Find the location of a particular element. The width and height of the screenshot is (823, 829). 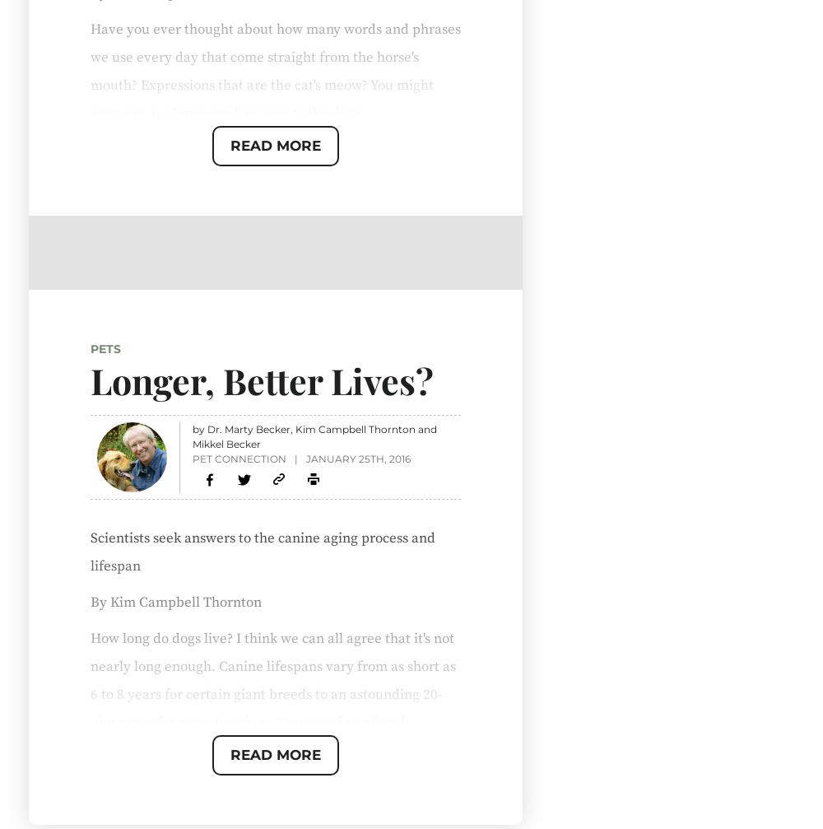

'January 25th, 2016' is located at coordinates (357, 457).